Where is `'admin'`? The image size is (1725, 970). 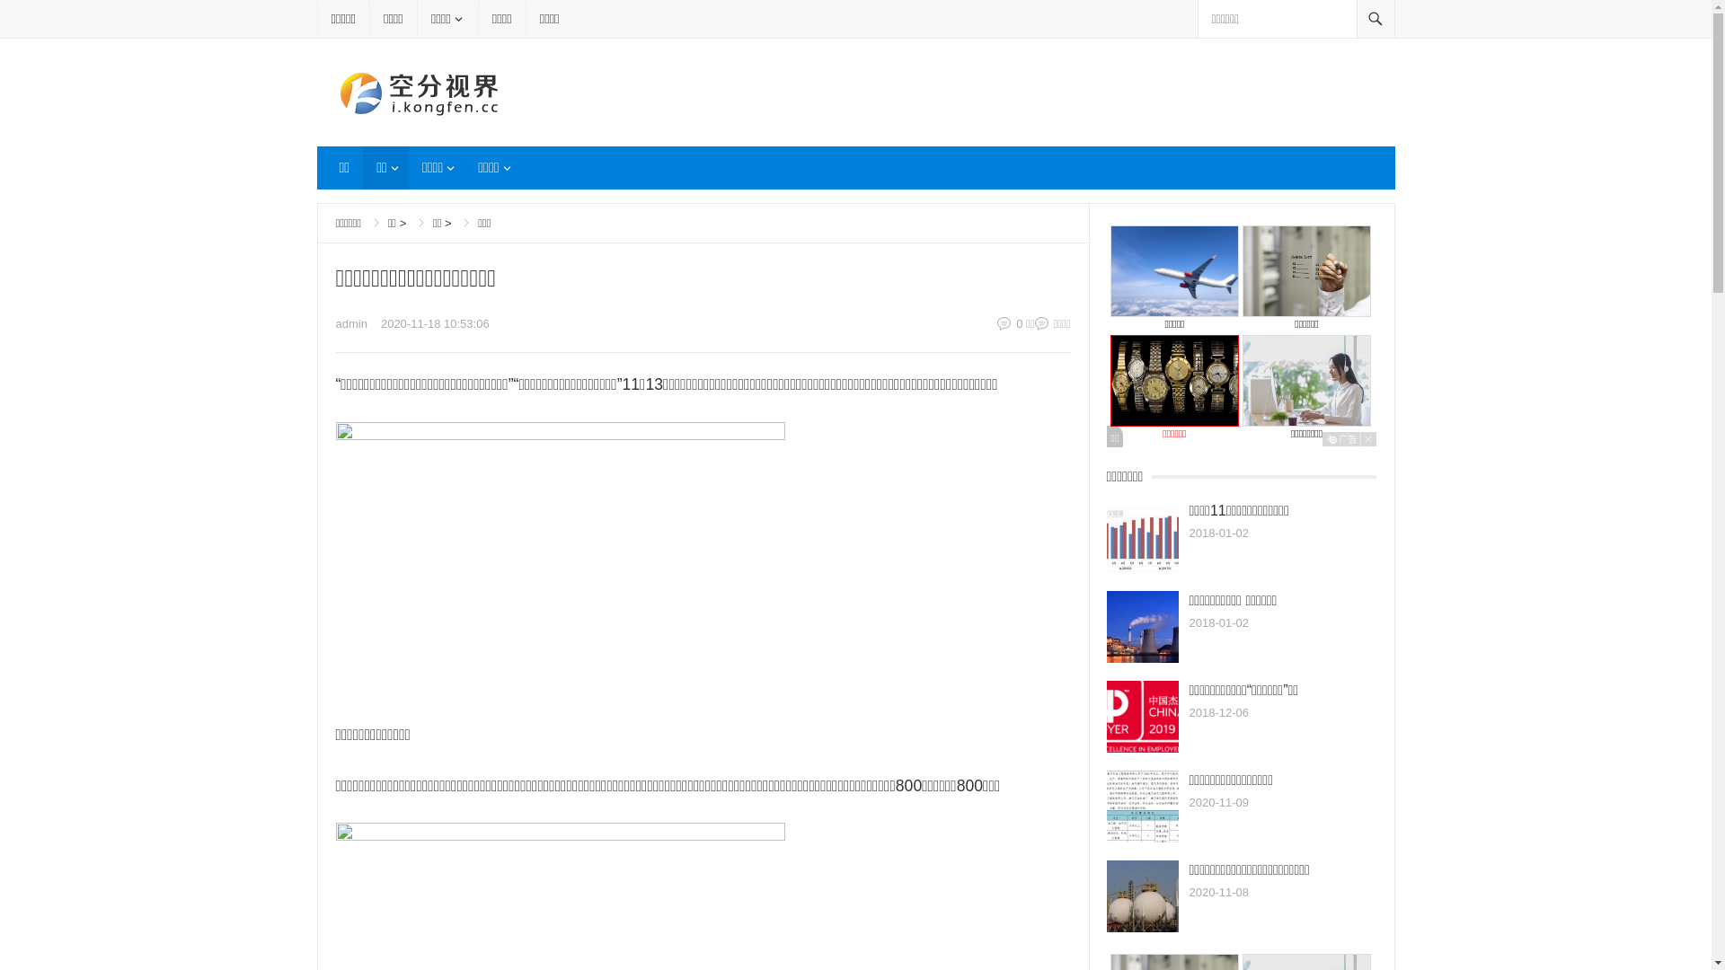 'admin' is located at coordinates (336, 323).